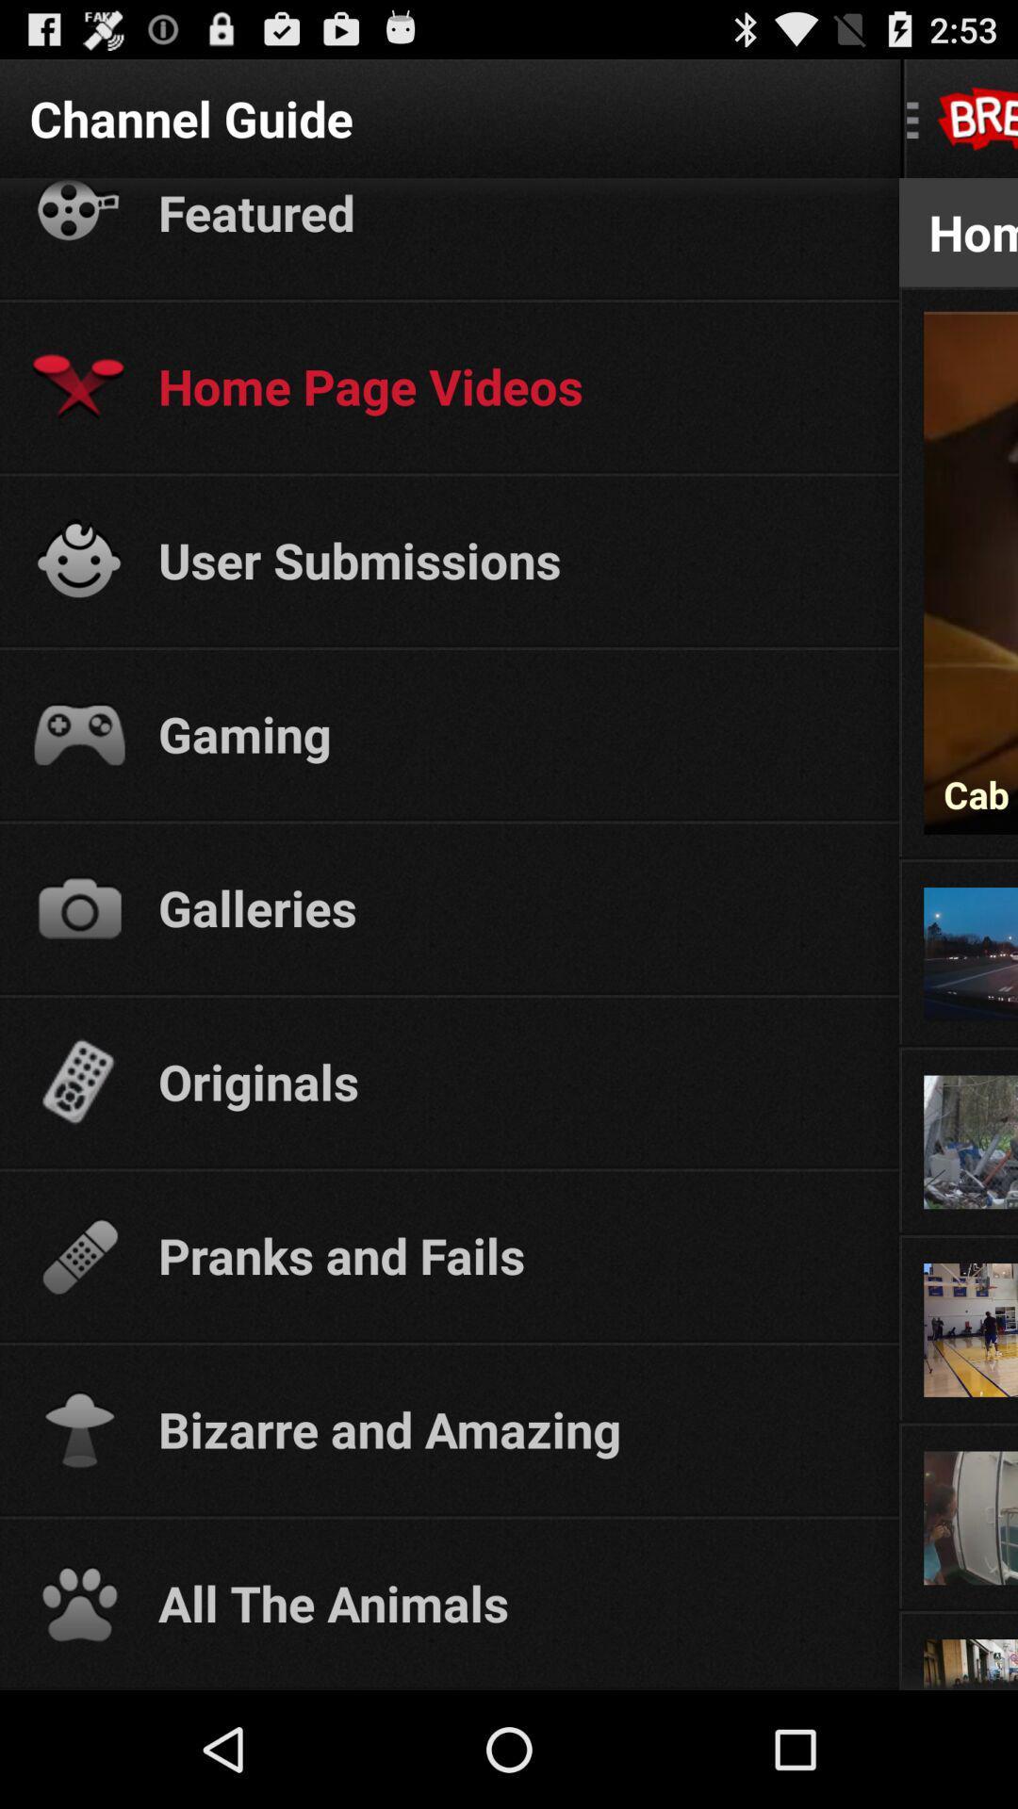 The height and width of the screenshot is (1809, 1018). I want to click on the app next to the bizarre and amazing, so click(959, 1425).